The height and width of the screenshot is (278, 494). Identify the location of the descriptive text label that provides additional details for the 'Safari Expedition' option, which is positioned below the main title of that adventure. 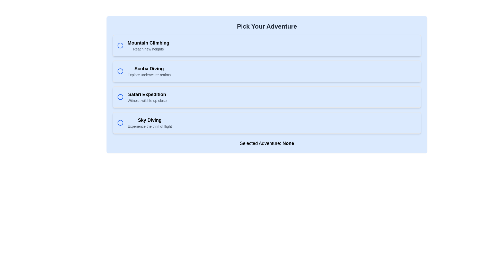
(147, 100).